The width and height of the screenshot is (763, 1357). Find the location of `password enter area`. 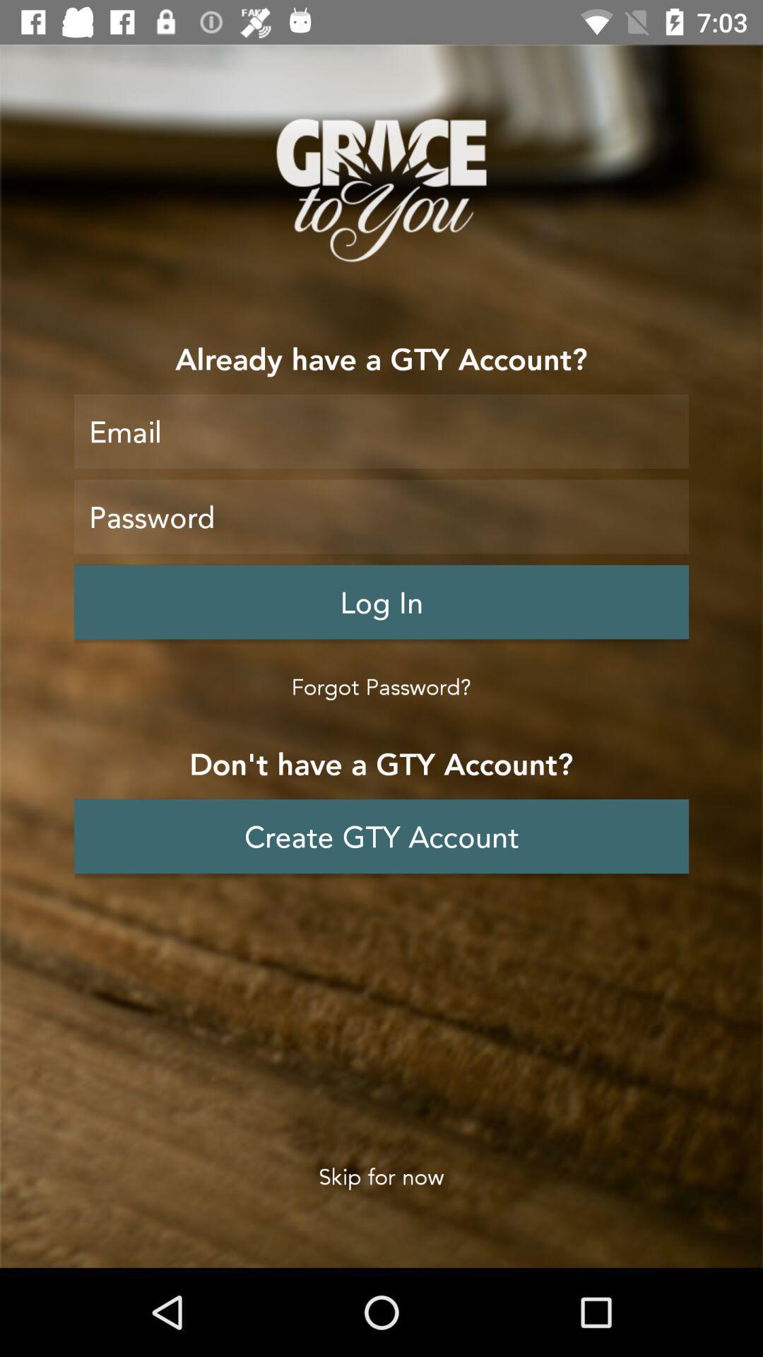

password enter area is located at coordinates (381, 516).